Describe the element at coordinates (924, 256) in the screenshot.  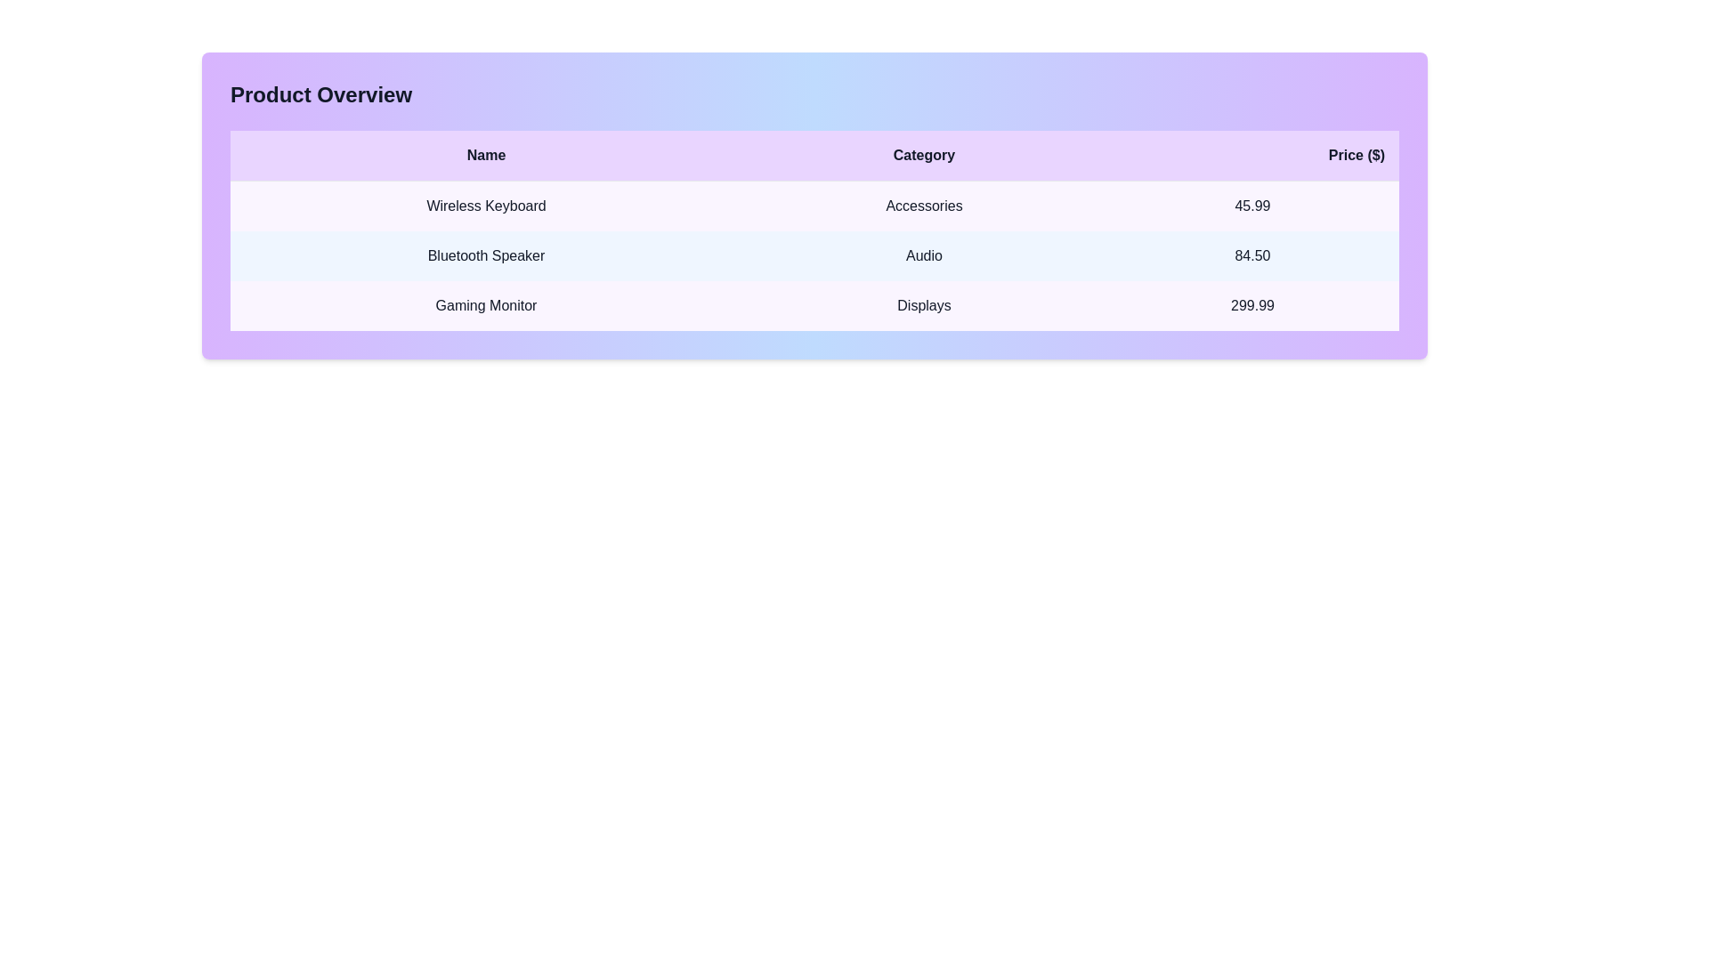
I see `text of the Text label that indicates the product category for the item listed under the "Category" column, adjacent to the "Bluetooth Speaker" in the "Name" column and the price "84.50" in the "Price ($)" column` at that location.